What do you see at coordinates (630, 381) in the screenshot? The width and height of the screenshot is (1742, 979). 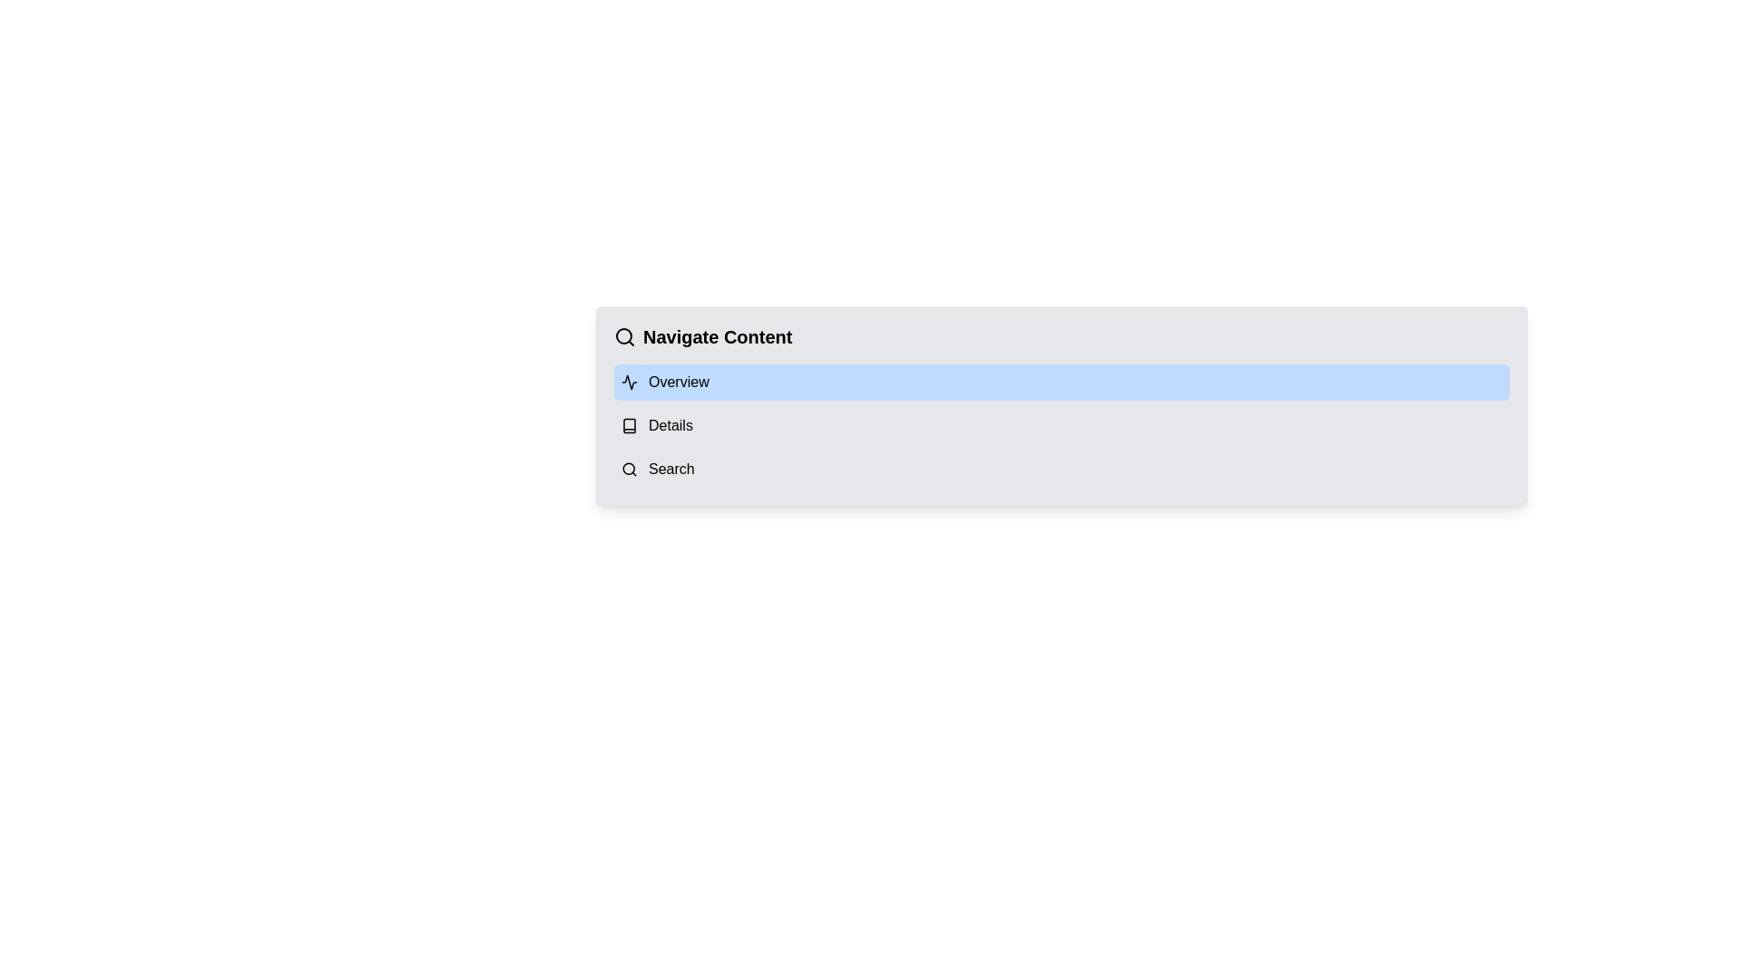 I see `the 'Overview' icon, which is an SVG element located to the left of the 'Overview' text in the vertical navigation panel` at bounding box center [630, 381].